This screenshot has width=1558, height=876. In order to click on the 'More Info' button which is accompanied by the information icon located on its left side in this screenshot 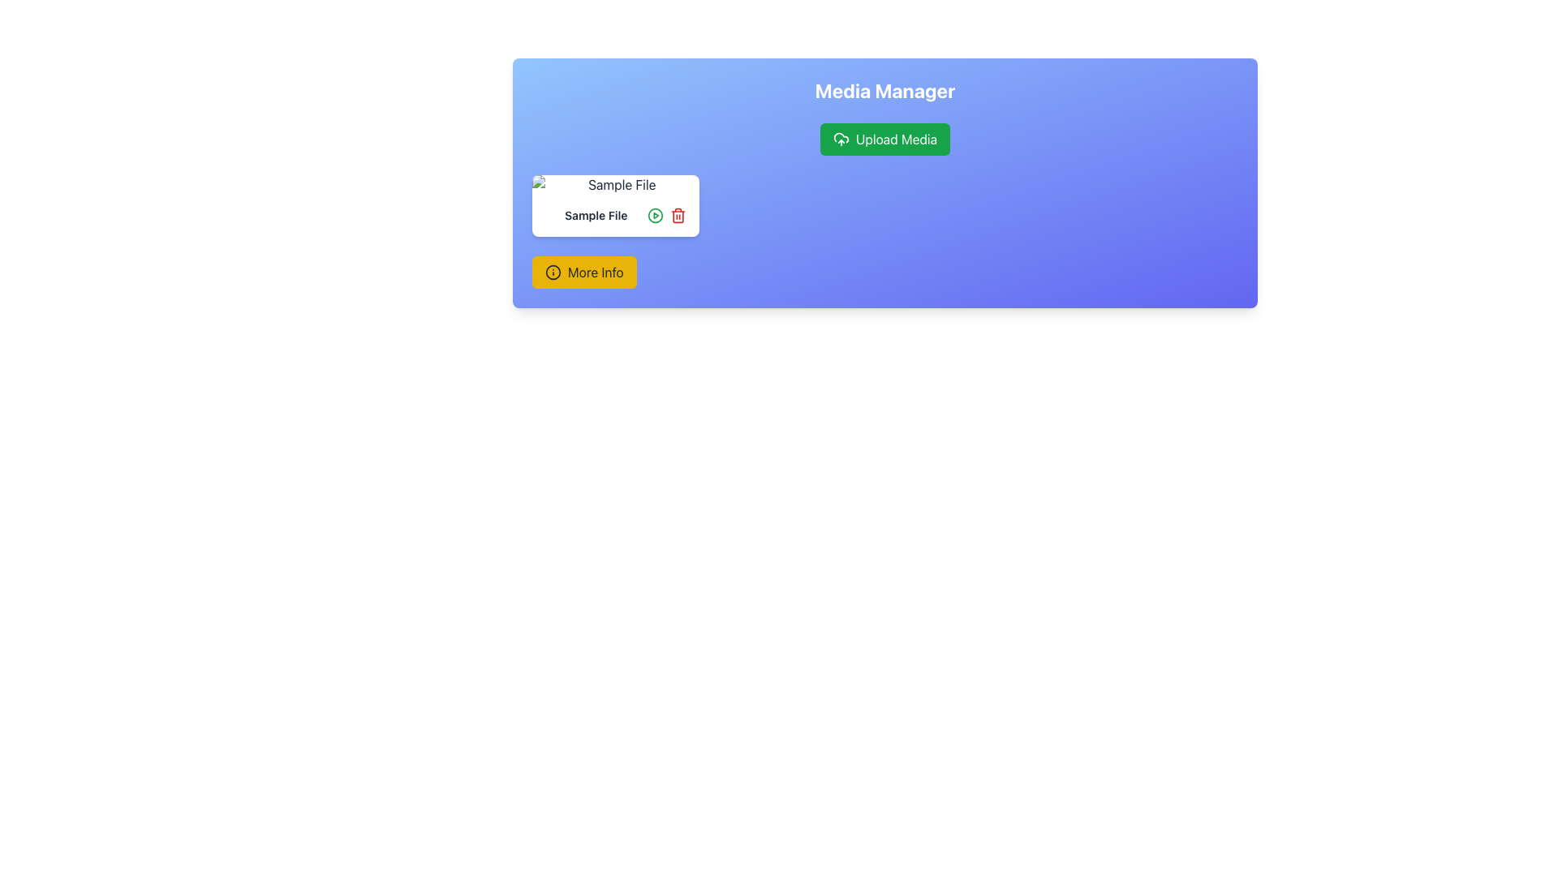, I will do `click(553, 271)`.